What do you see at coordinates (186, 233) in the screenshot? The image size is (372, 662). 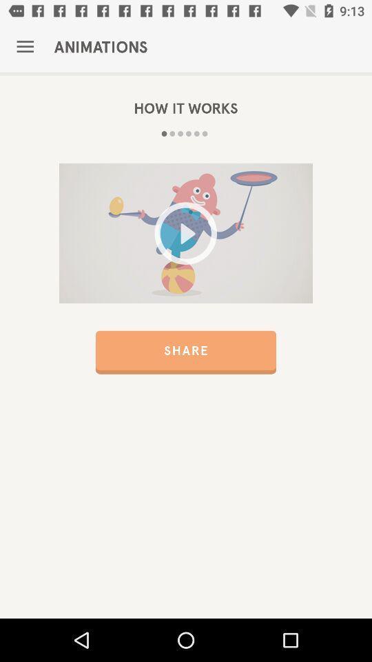 I see `the icon above share` at bounding box center [186, 233].